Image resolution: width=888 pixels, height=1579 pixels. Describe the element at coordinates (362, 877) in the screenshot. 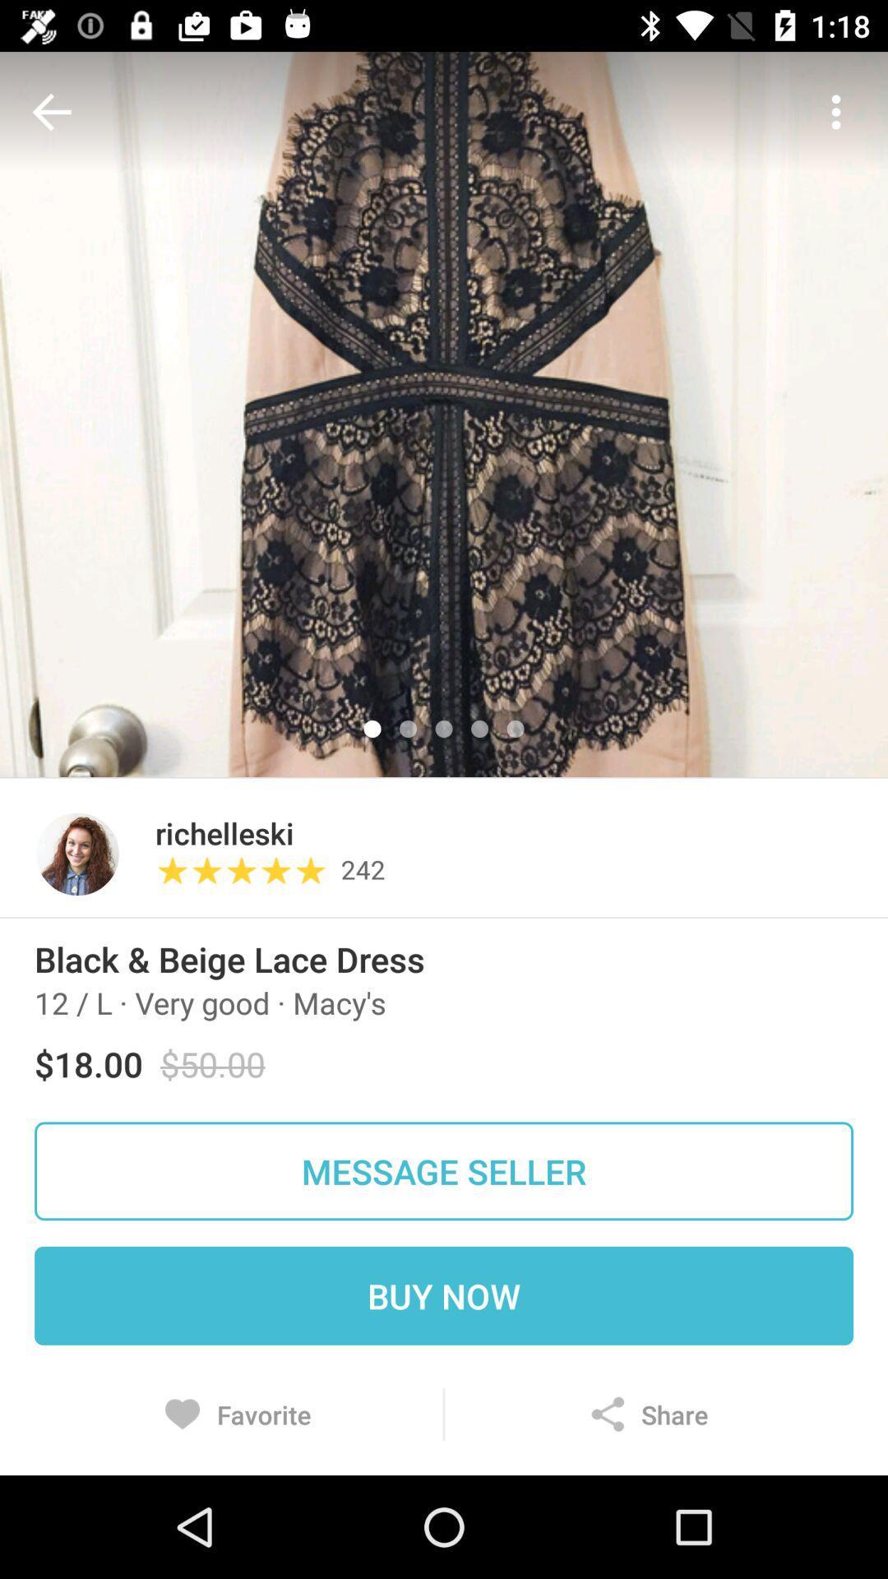

I see `the 242 item` at that location.